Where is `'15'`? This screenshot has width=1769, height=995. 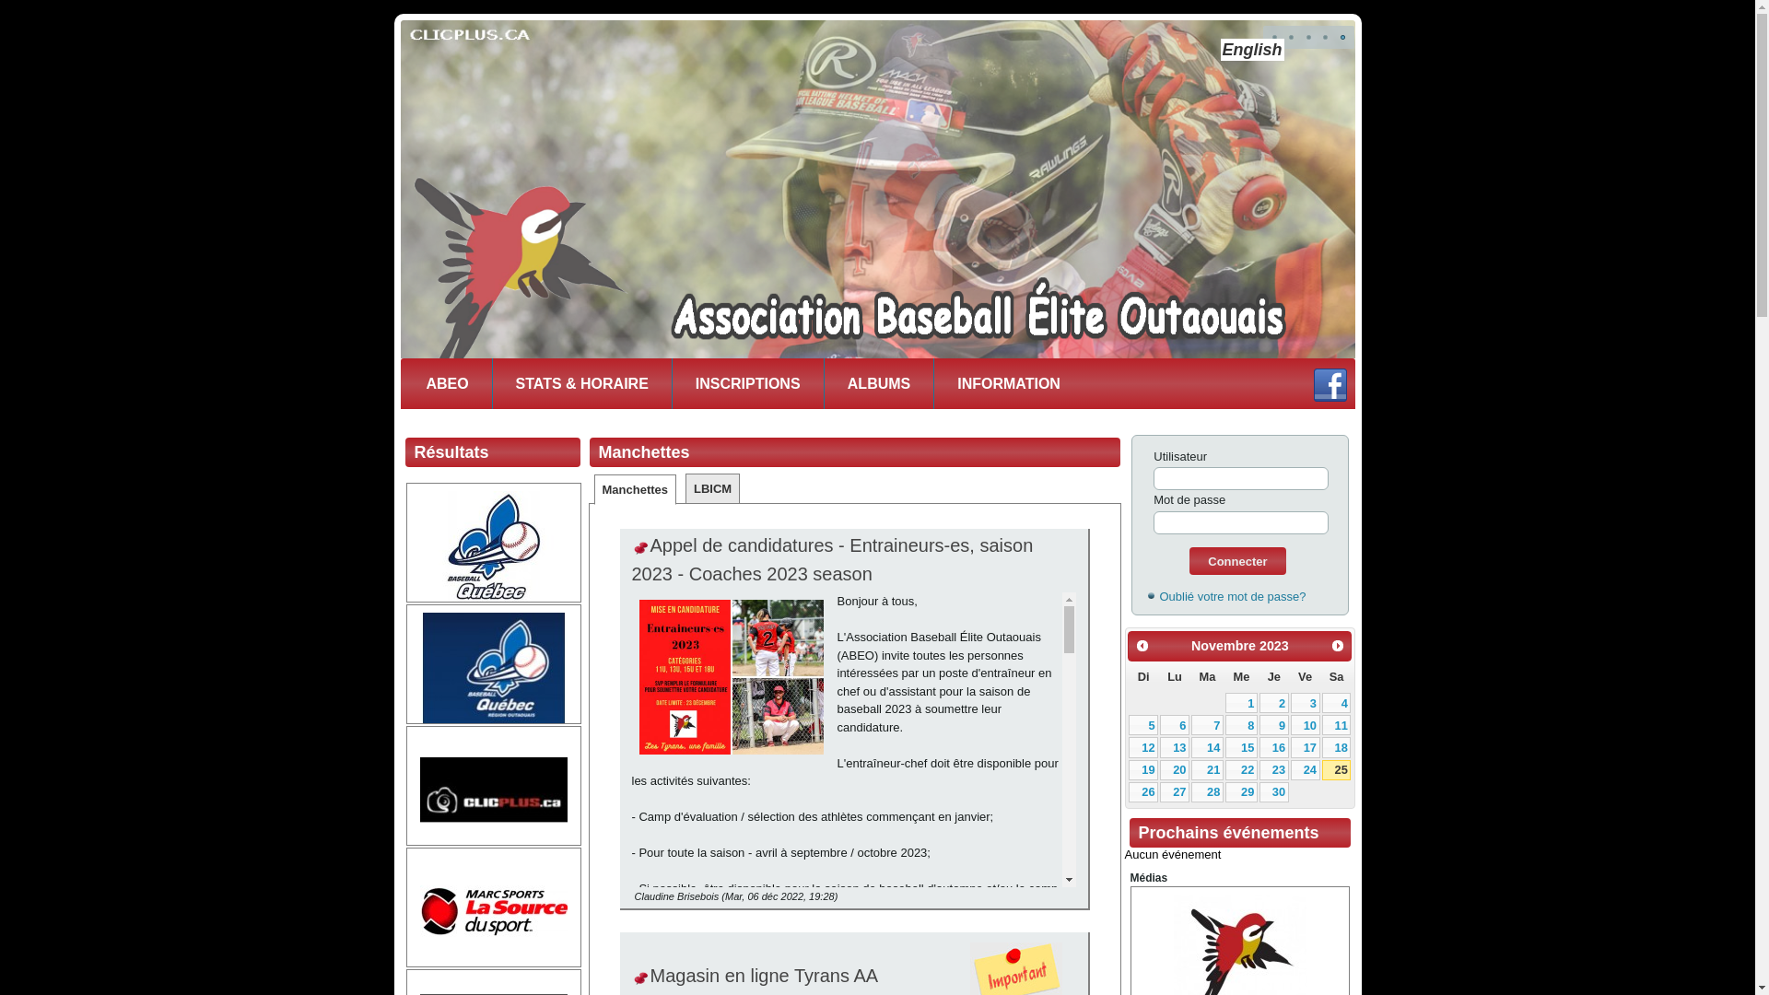
'15' is located at coordinates (1224, 746).